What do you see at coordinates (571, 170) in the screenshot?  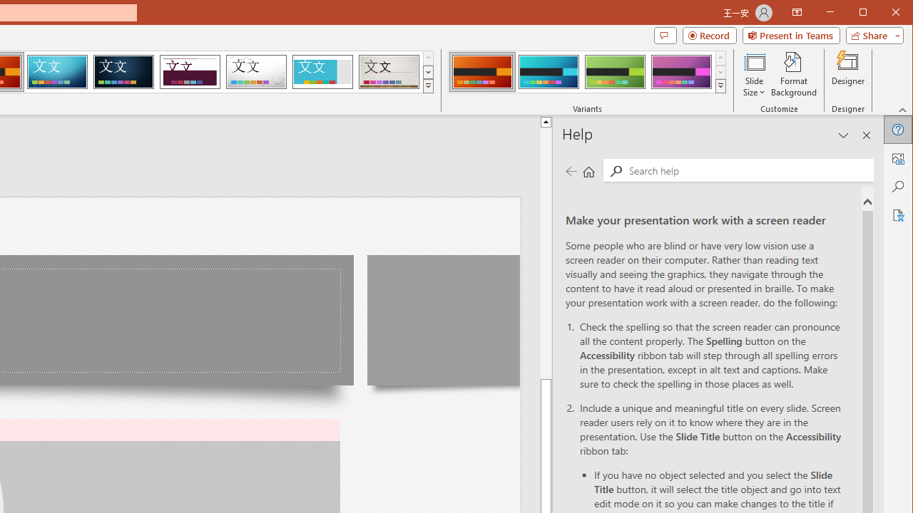 I see `'Previous page'` at bounding box center [571, 170].